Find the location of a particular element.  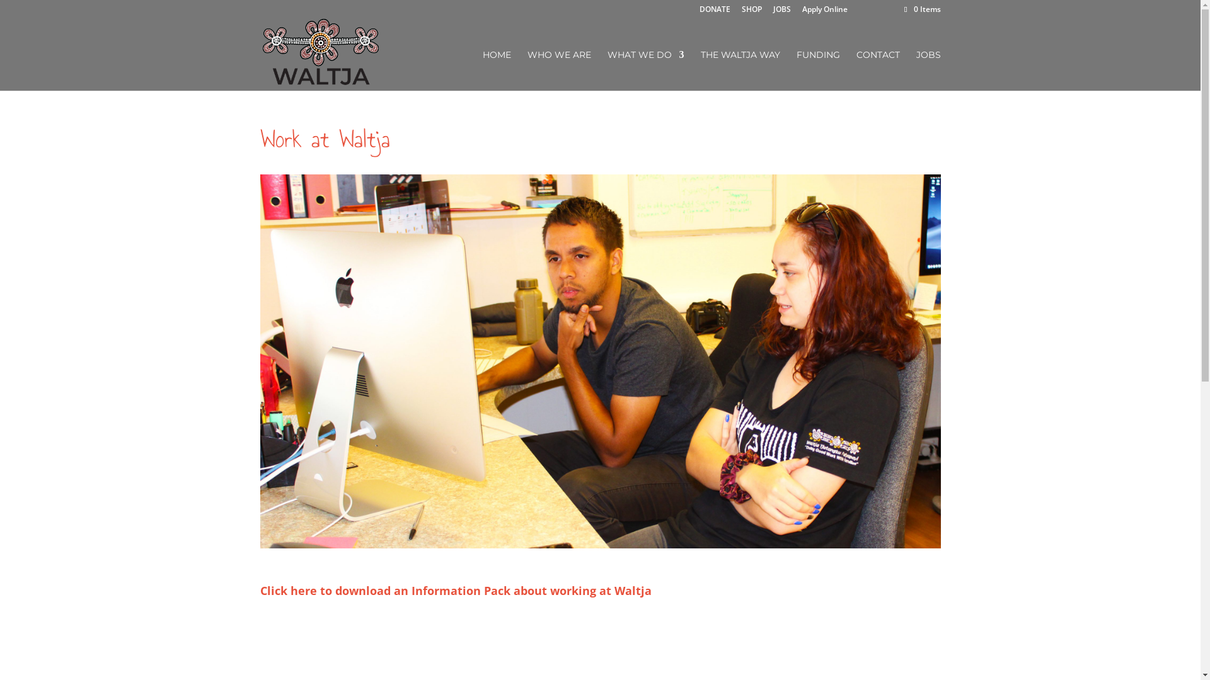

'0 Items' is located at coordinates (901, 9).